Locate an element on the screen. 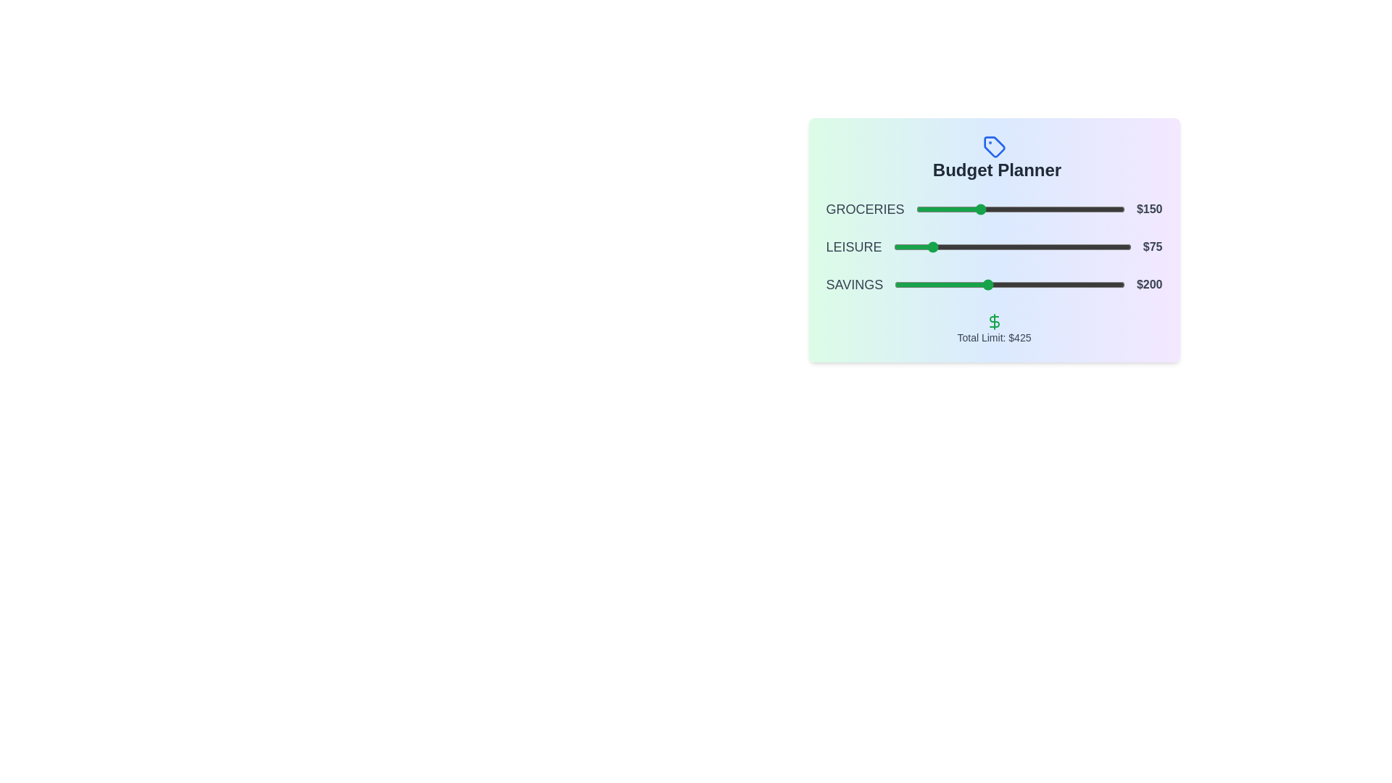 The height and width of the screenshot is (783, 1392). the category name leisure to display additional details is located at coordinates (853, 246).